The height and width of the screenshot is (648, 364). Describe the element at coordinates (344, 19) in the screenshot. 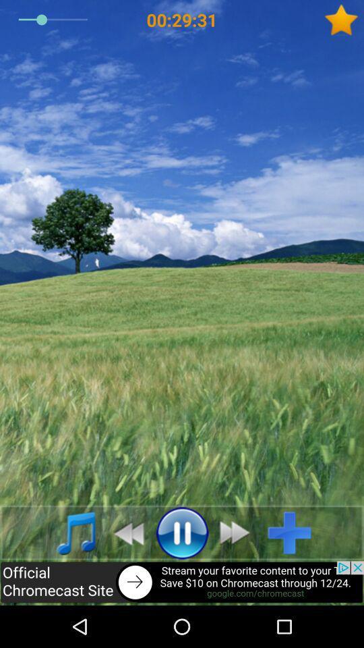

I see `favorite` at that location.